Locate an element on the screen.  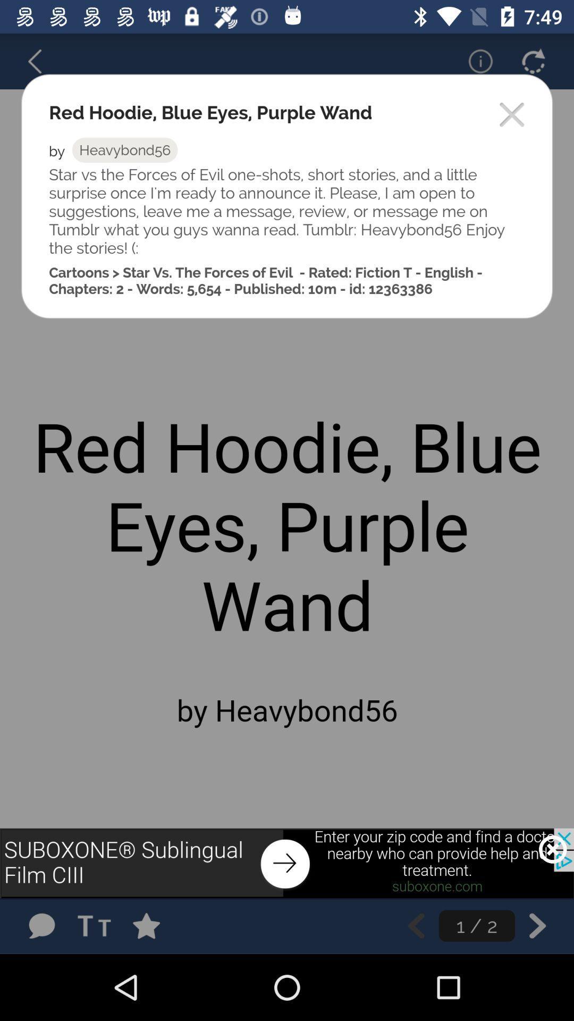
the close icon is located at coordinates (512, 115).